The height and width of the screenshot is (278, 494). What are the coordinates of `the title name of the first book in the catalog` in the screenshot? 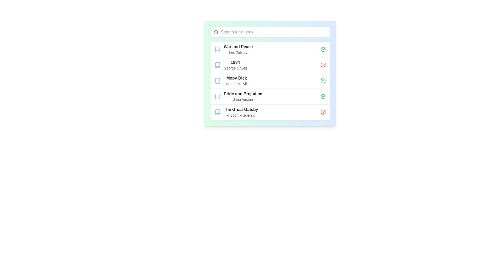 It's located at (238, 47).